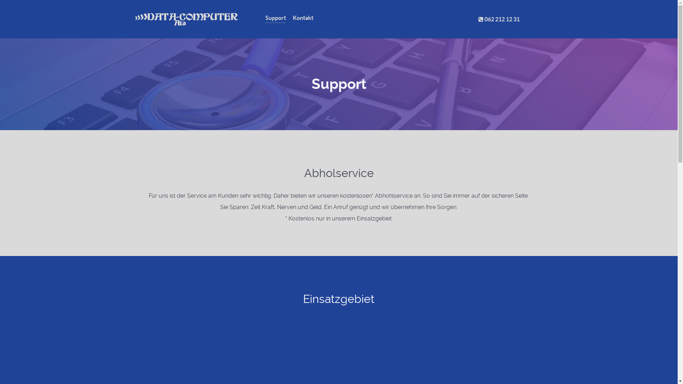  Describe the element at coordinates (498, 19) in the screenshot. I see `'062 212 12 31'` at that location.